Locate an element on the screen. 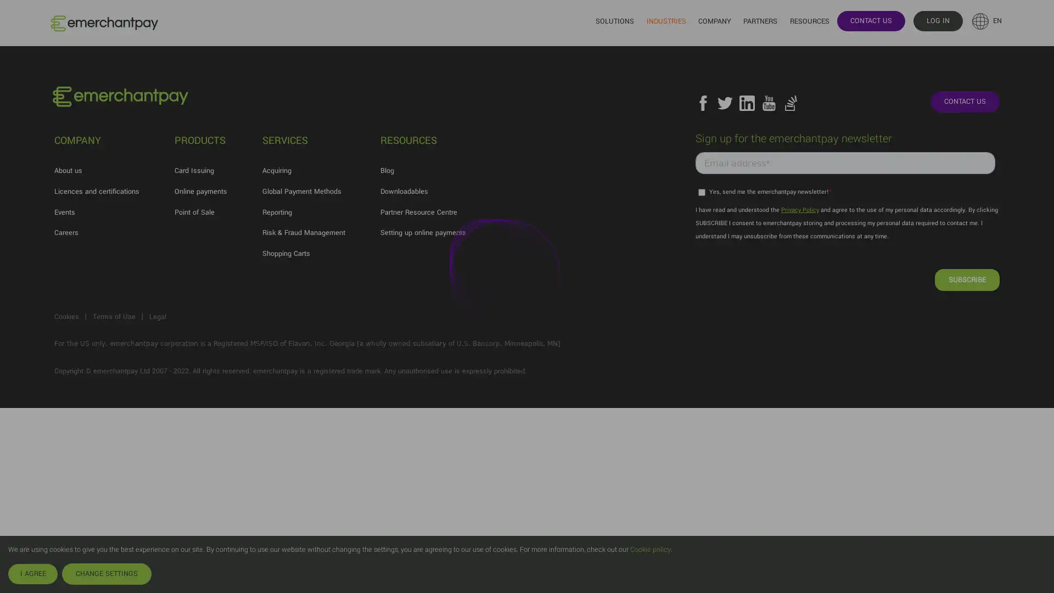 This screenshot has height=593, width=1054. LOG IN is located at coordinates (937, 20).